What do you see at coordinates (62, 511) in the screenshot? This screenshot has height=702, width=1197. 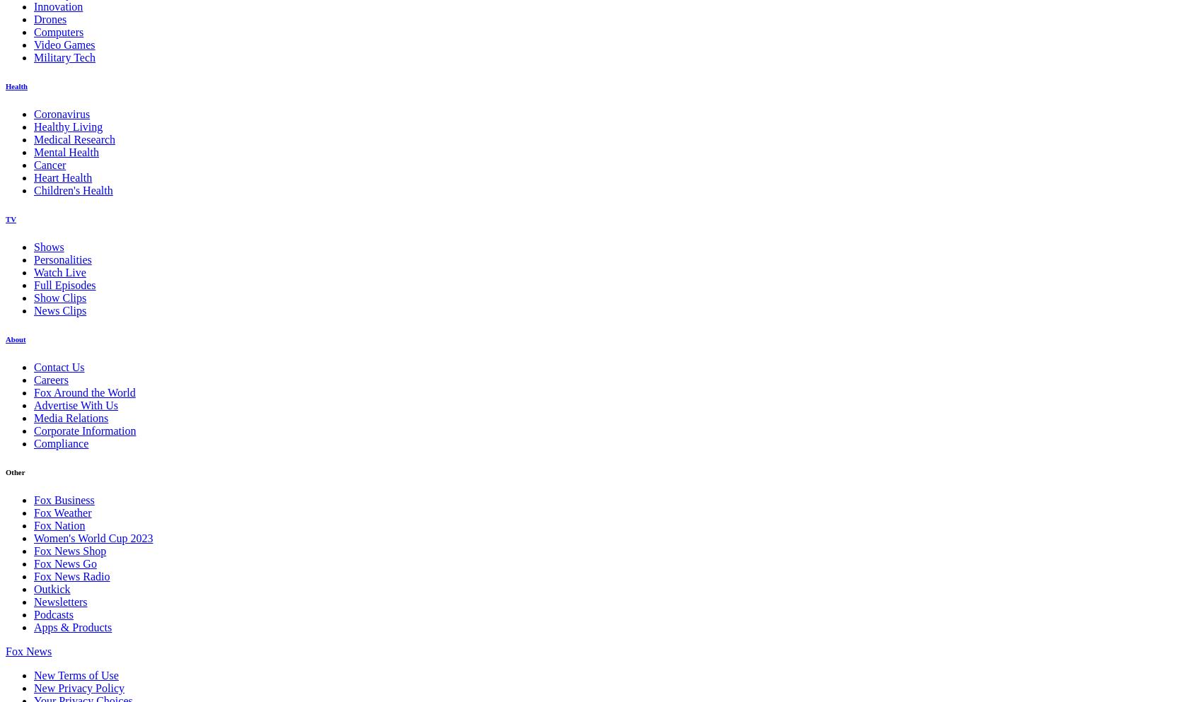 I see `'Fox Weather'` at bounding box center [62, 511].